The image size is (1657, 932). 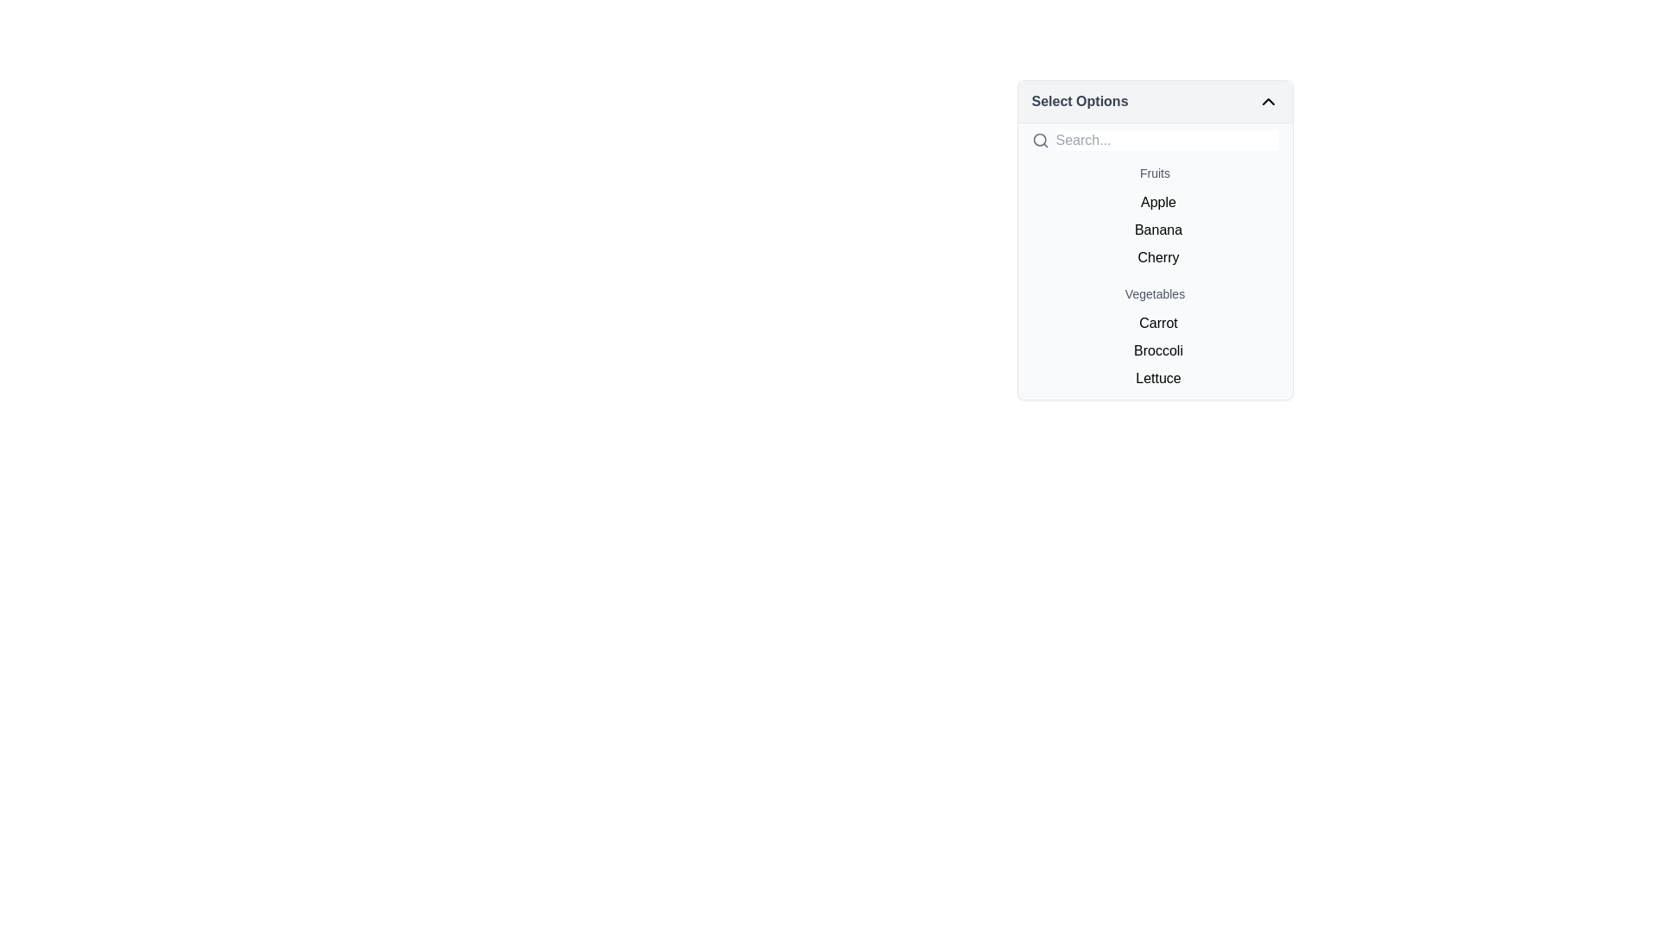 I want to click on the text-based selectable item 'Cherry' in the dropdown menu under the 'Fruits' label, so click(x=1155, y=261).